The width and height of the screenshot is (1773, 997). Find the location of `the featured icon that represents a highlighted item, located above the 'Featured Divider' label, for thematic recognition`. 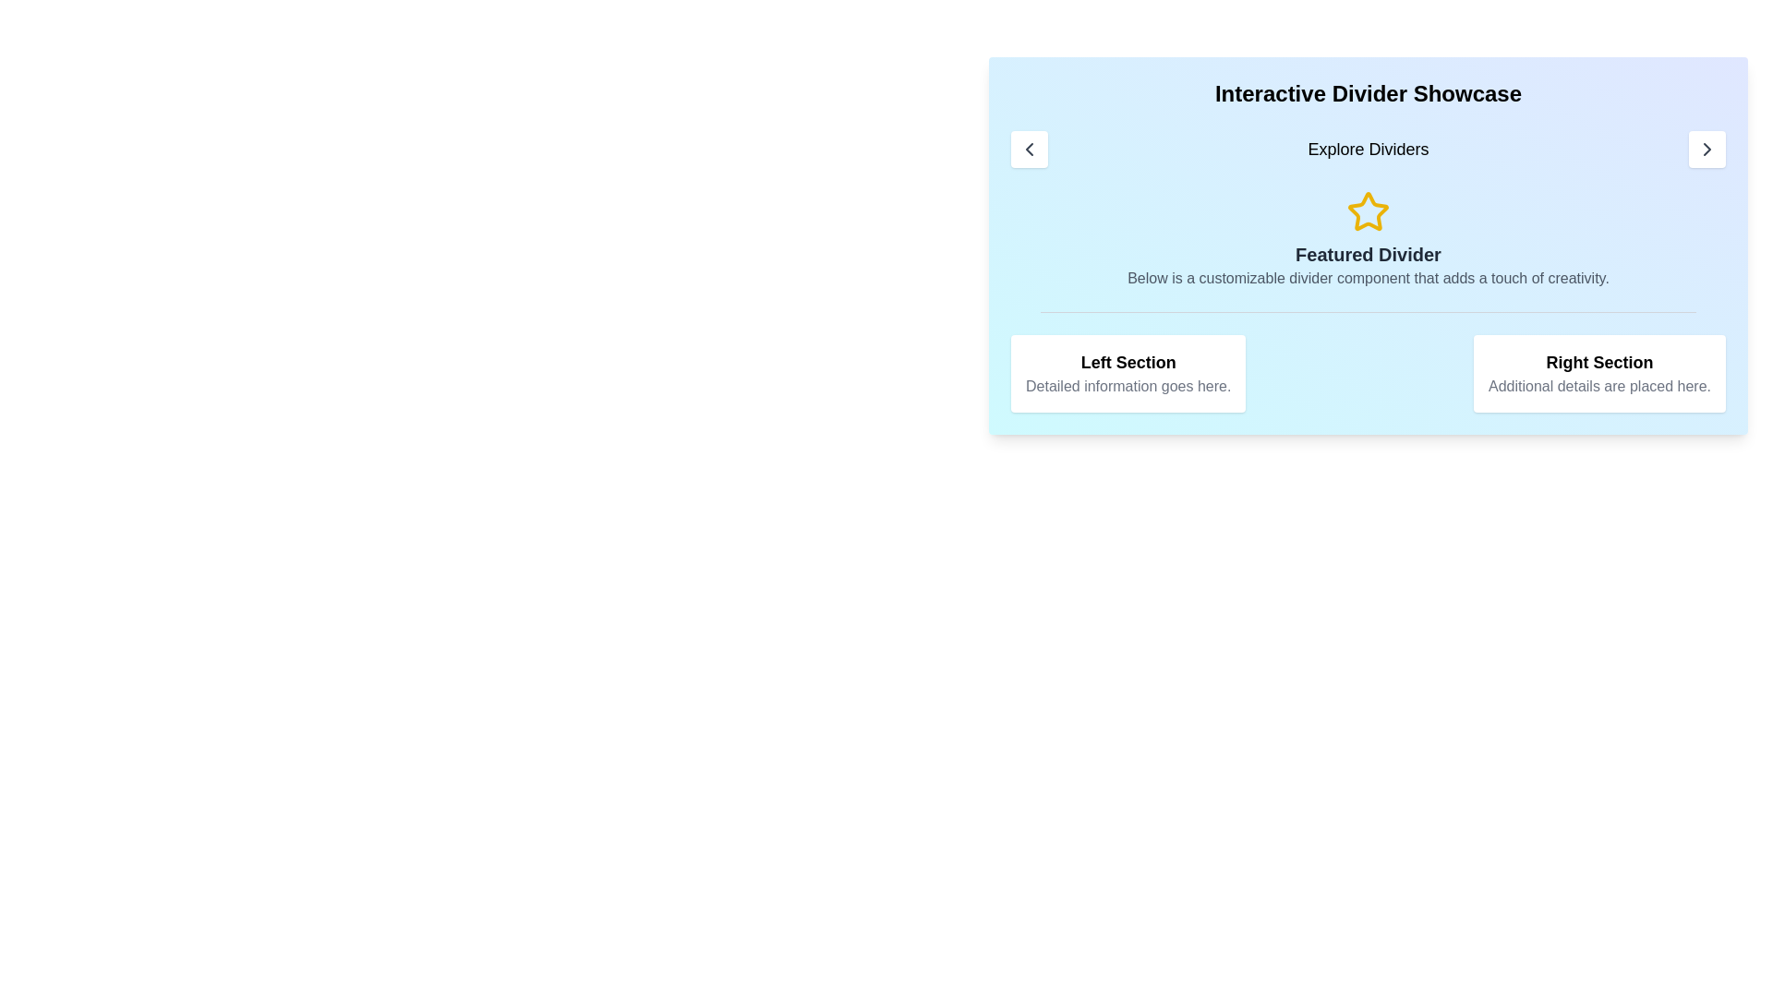

the featured icon that represents a highlighted item, located above the 'Featured Divider' label, for thematic recognition is located at coordinates (1369, 210).